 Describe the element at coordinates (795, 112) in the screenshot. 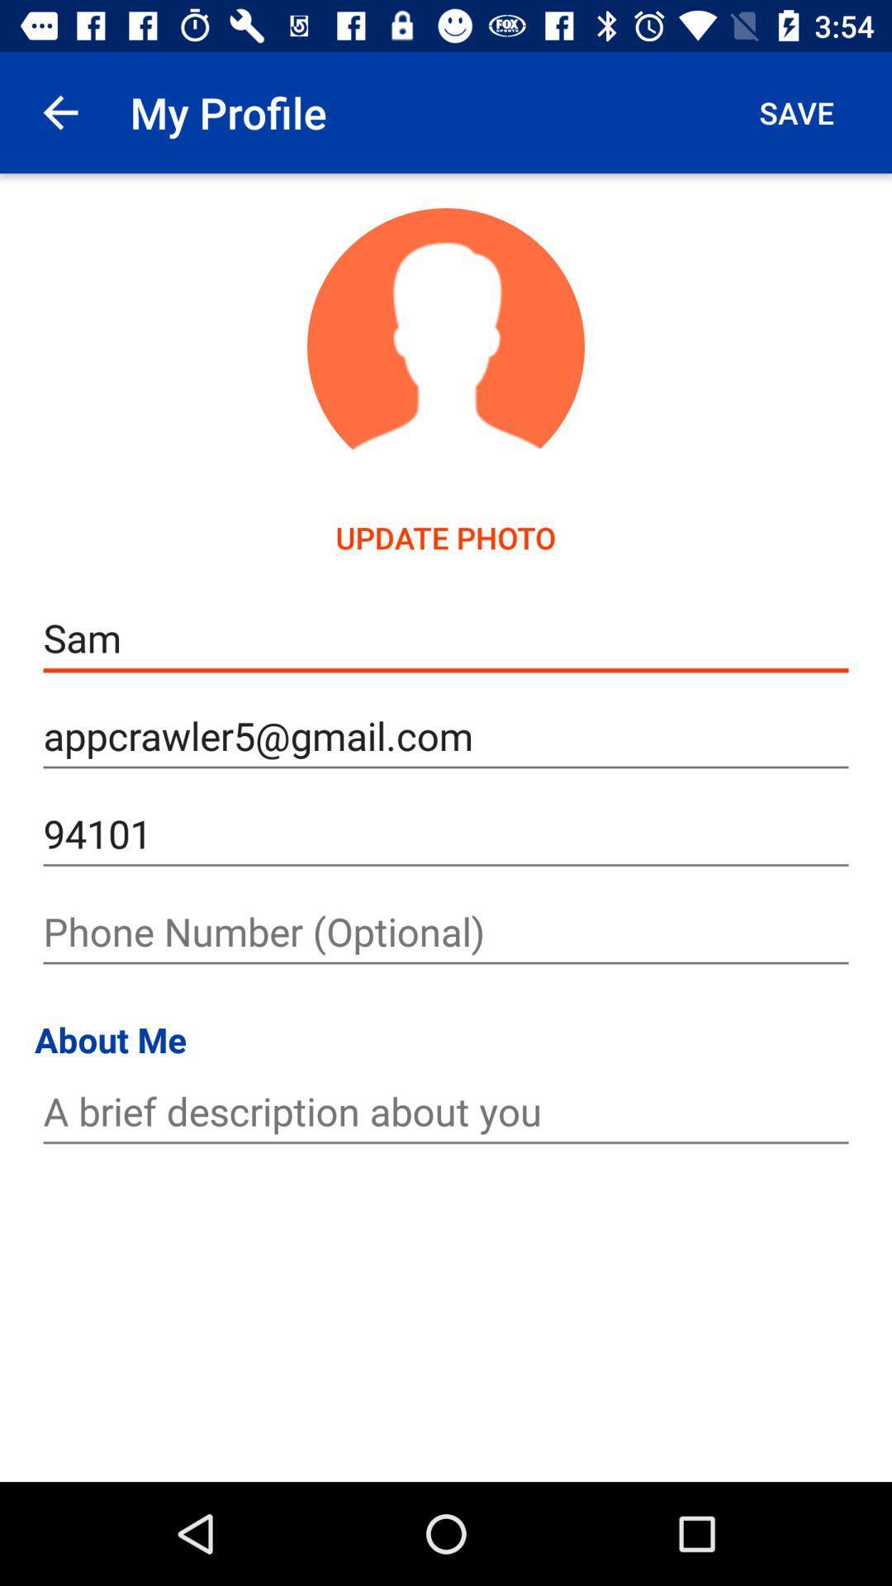

I see `the save item` at that location.